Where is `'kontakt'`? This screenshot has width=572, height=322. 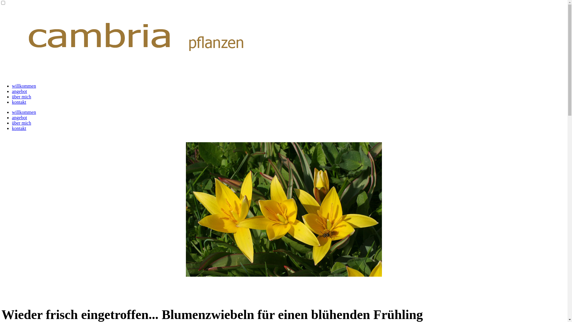
'kontakt' is located at coordinates (19, 128).